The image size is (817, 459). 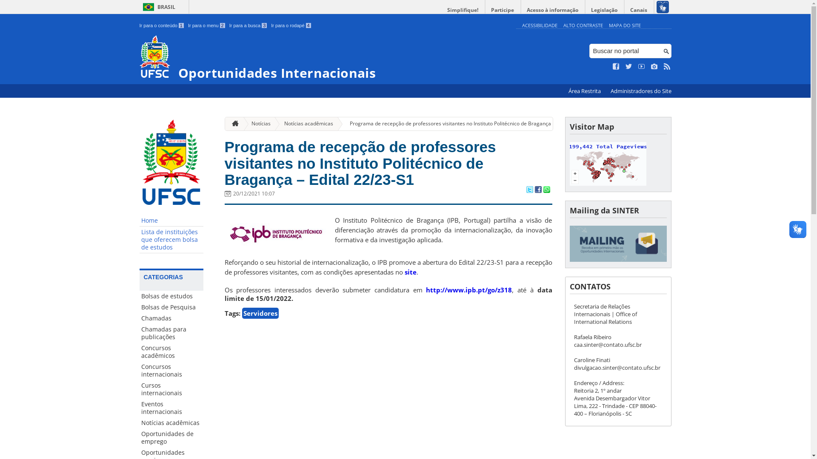 I want to click on 'Participe', so click(x=485, y=10).